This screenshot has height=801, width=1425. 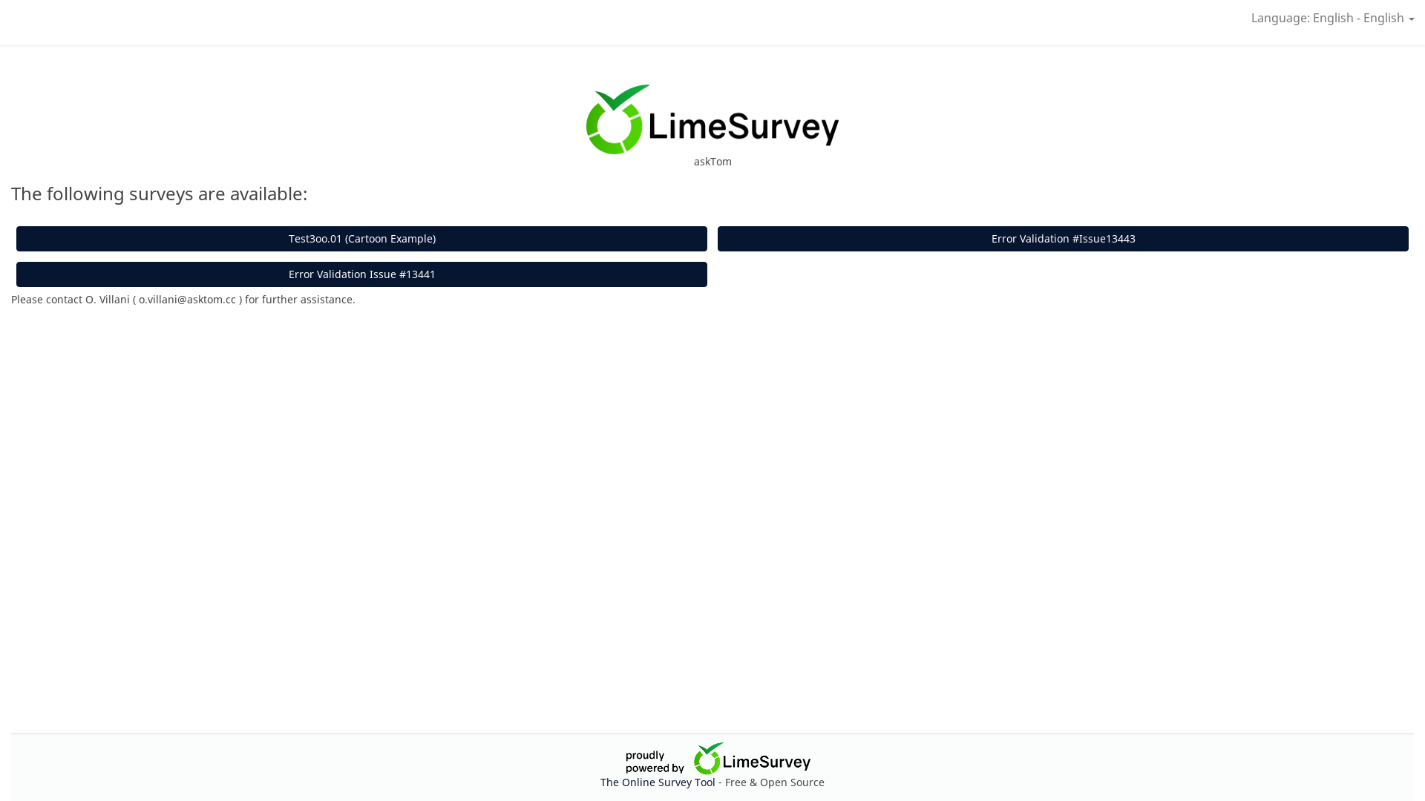 What do you see at coordinates (658, 781) in the screenshot?
I see `'The Online Survey Tool'` at bounding box center [658, 781].